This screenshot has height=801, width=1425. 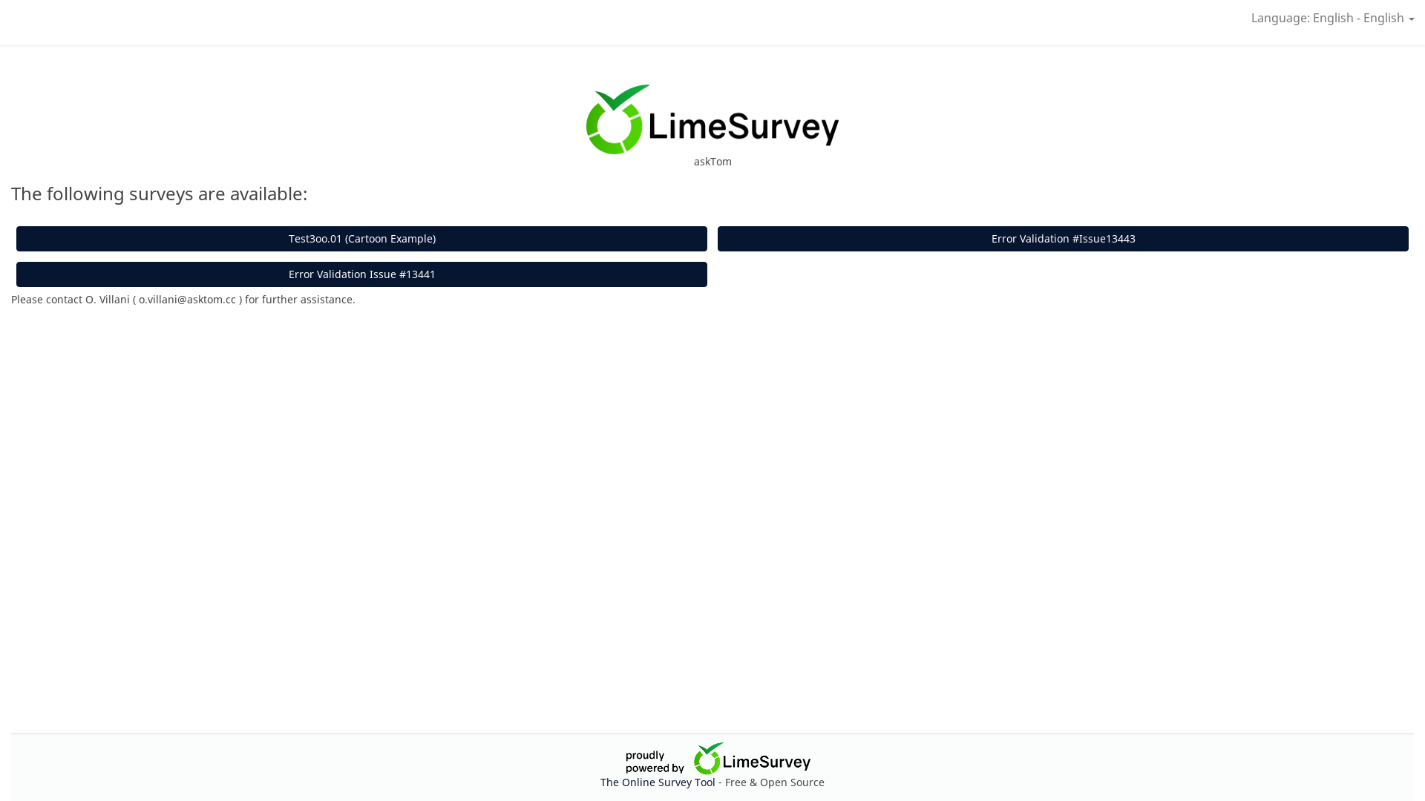 What do you see at coordinates (658, 781) in the screenshot?
I see `'The Online Survey Tool'` at bounding box center [658, 781].